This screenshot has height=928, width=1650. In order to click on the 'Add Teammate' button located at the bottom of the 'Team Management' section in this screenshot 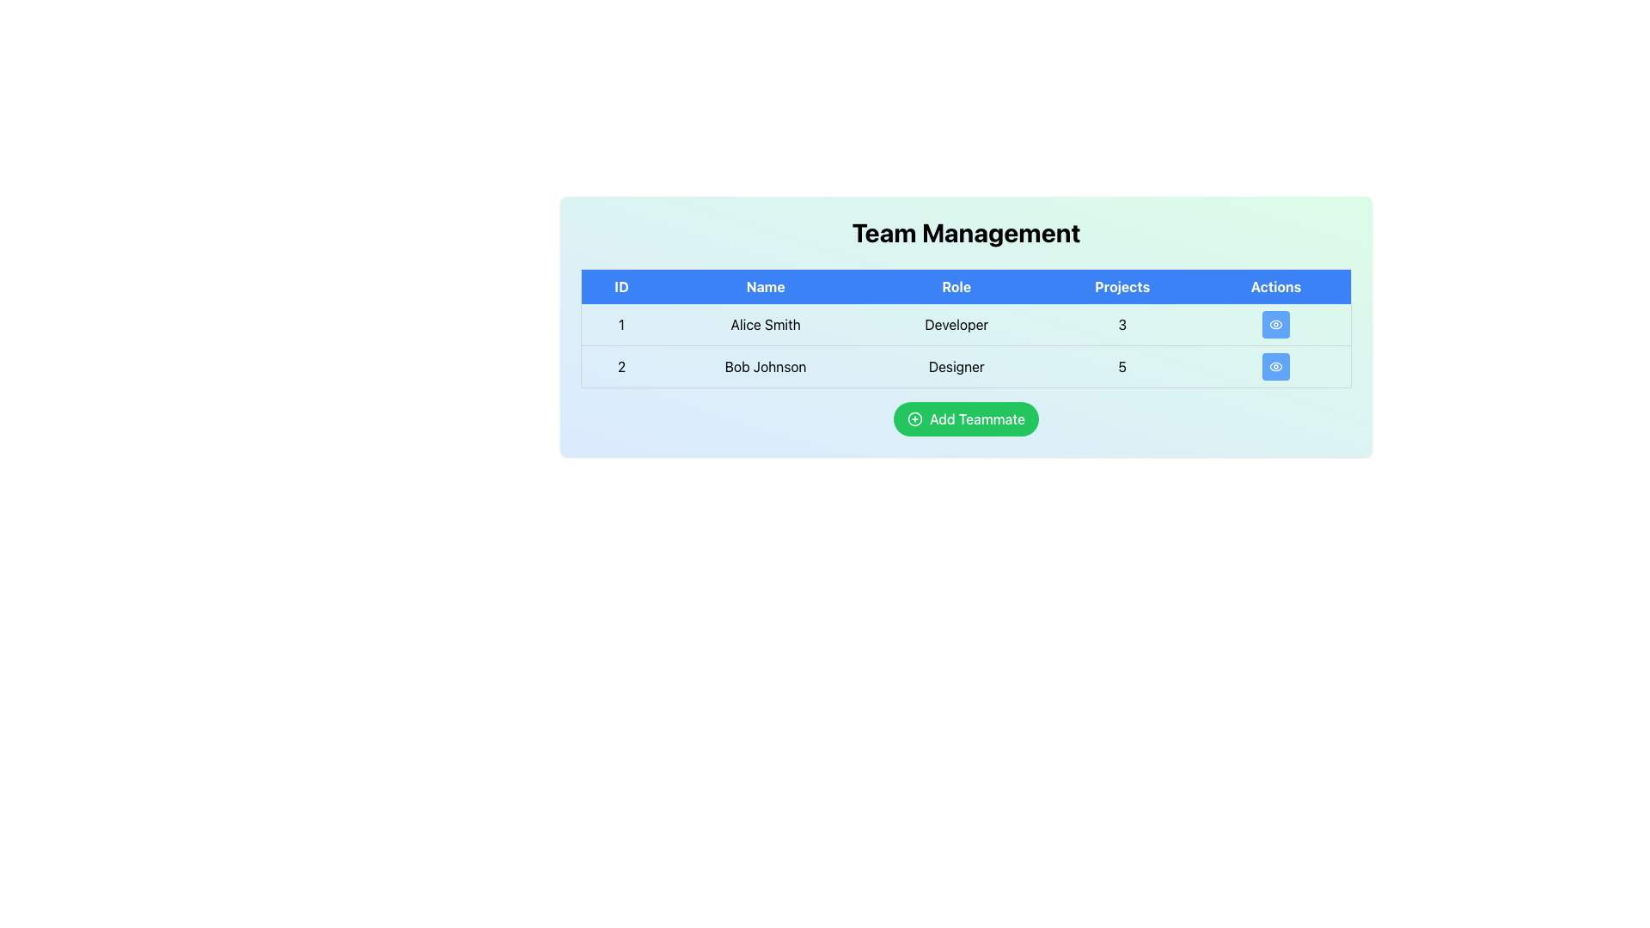, I will do `click(966, 419)`.